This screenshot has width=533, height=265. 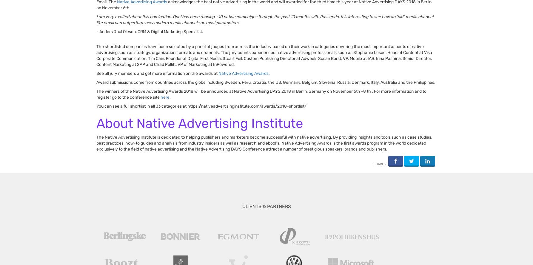 What do you see at coordinates (150, 31) in the screenshot?
I see `'- Anders Juul Olesen, CRM & Digital Marketing Specialist.'` at bounding box center [150, 31].